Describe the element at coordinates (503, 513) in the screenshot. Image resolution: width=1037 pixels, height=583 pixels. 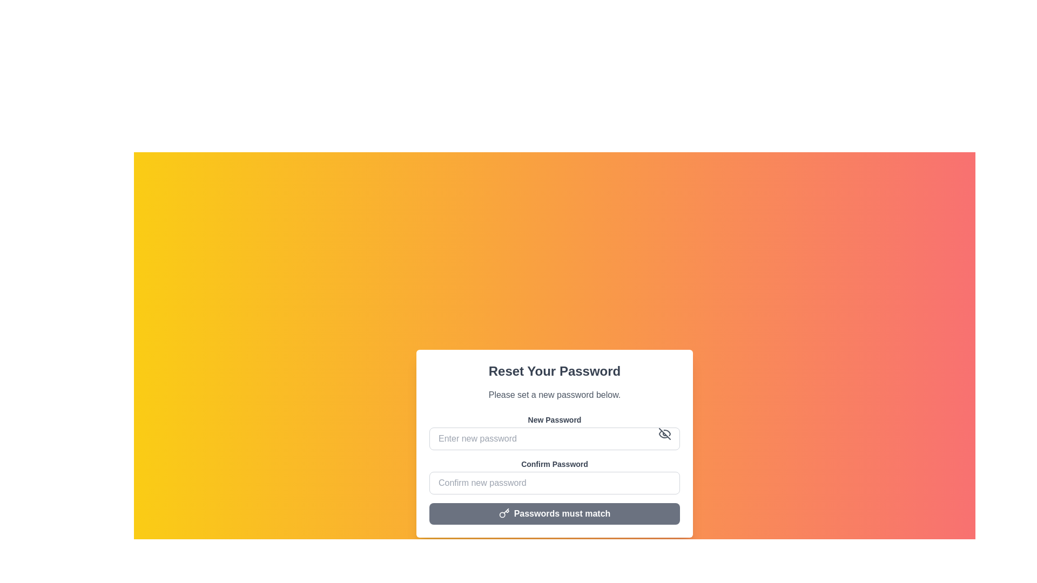
I see `the key icon that symbolizes security, located at the left of the text within the horizontal button at the bottom of the password reset form` at that location.